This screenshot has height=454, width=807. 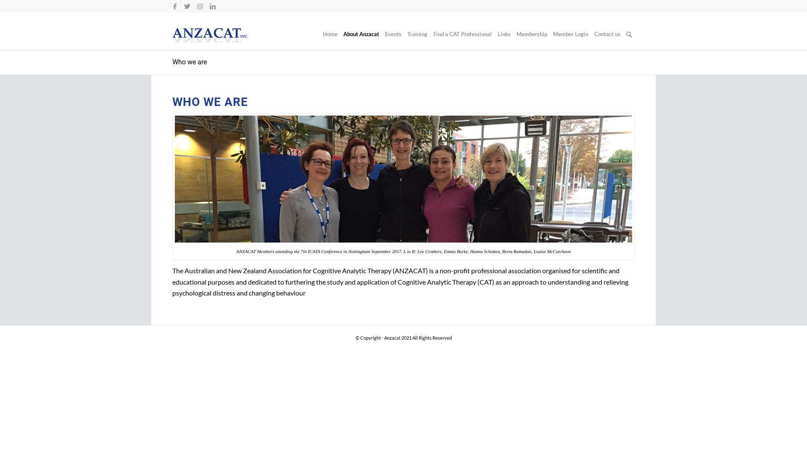 What do you see at coordinates (513, 34) in the screenshot?
I see `'Membership'` at bounding box center [513, 34].